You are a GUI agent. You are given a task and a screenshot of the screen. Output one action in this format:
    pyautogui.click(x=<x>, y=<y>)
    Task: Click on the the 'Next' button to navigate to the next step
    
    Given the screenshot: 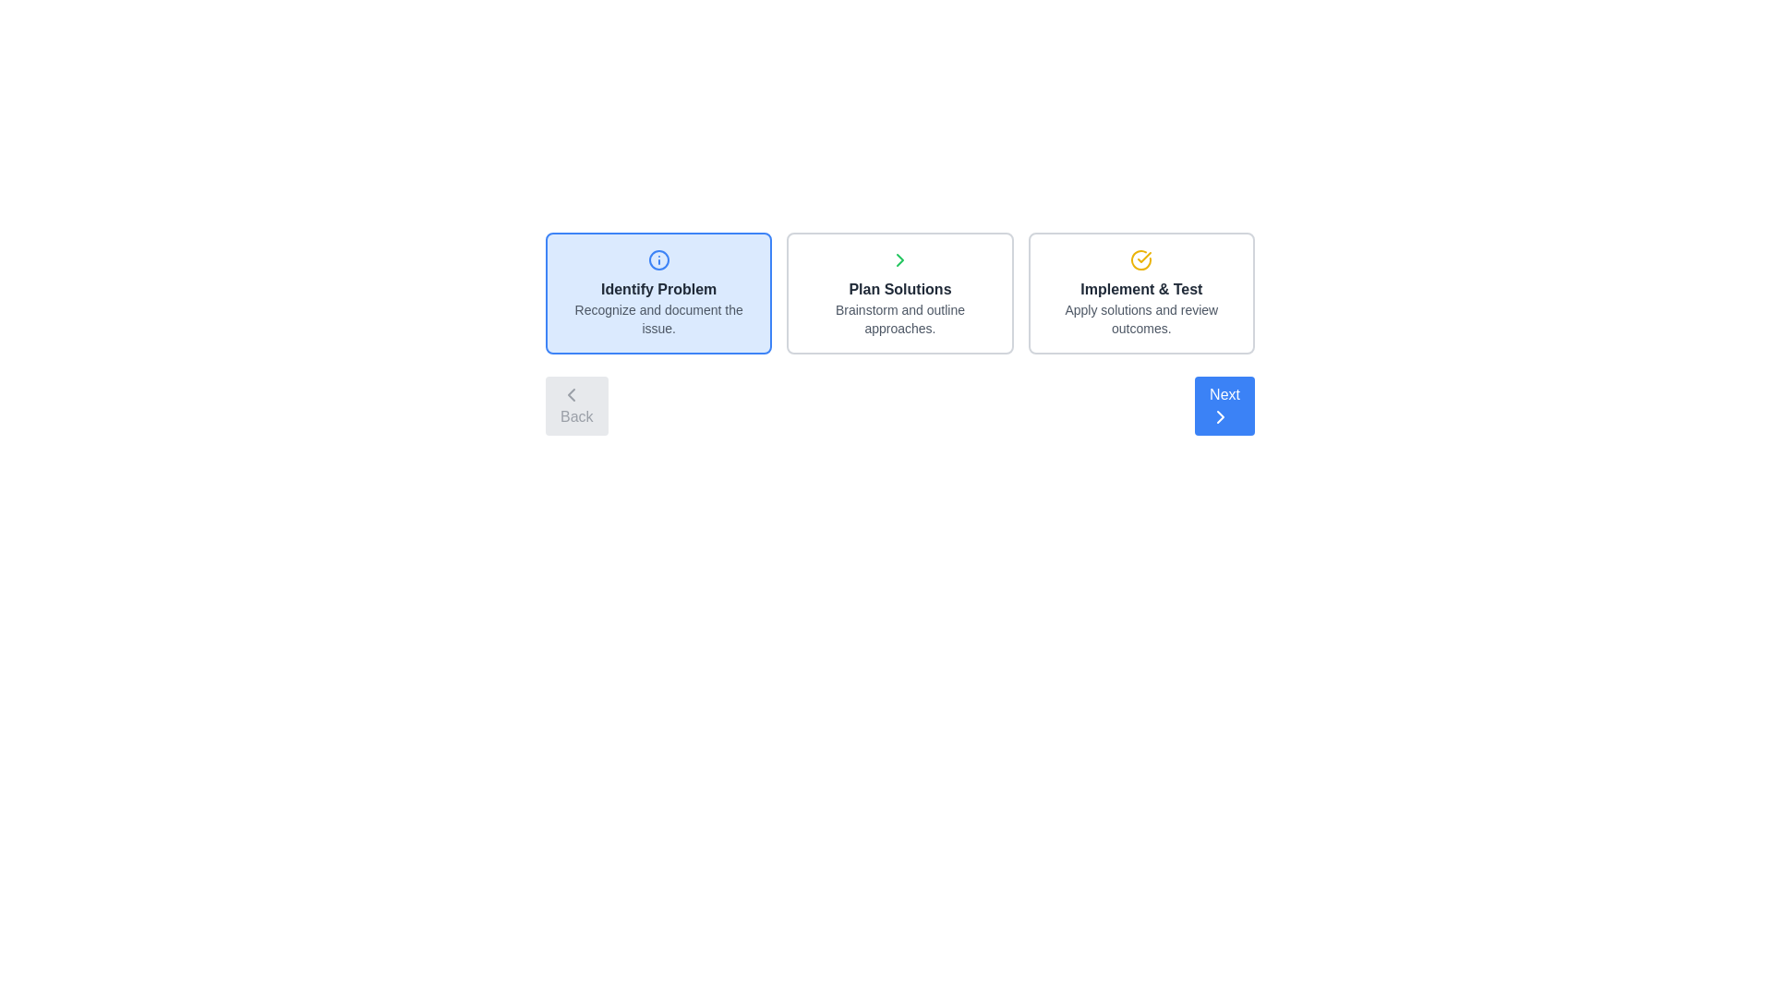 What is the action you would take?
    pyautogui.click(x=1224, y=404)
    